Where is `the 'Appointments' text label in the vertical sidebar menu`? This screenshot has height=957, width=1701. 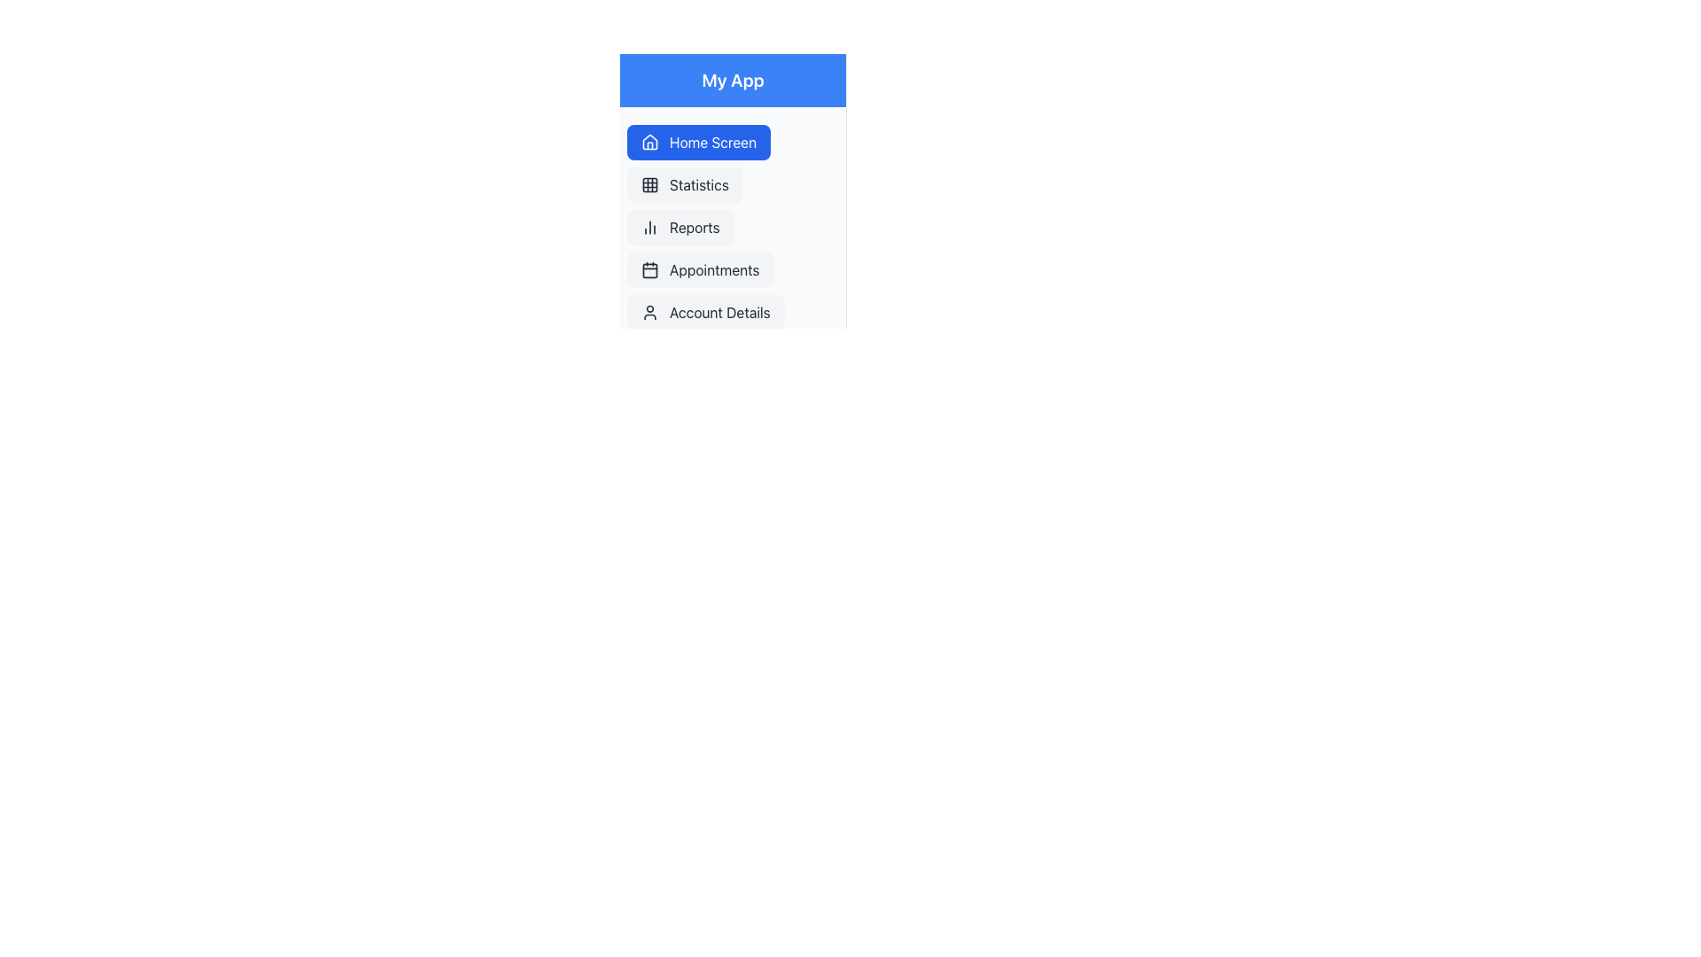
the 'Appointments' text label in the vertical sidebar menu is located at coordinates (714, 269).